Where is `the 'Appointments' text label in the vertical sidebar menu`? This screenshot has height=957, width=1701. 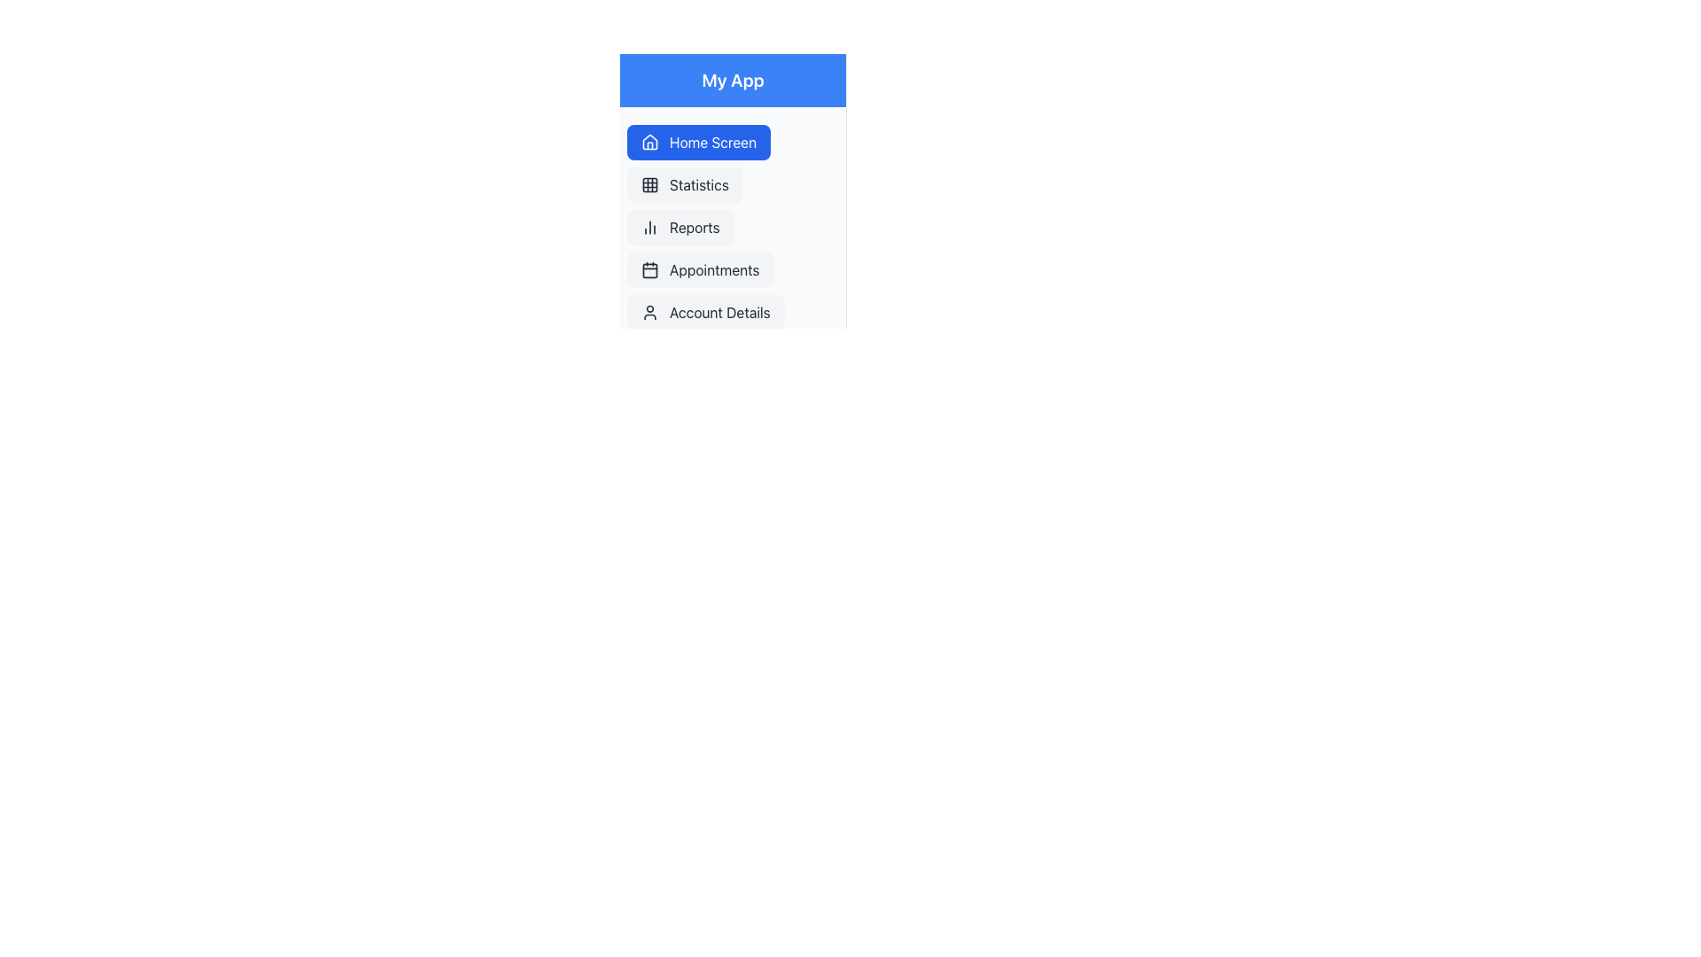
the 'Appointments' text label in the vertical sidebar menu is located at coordinates (714, 269).